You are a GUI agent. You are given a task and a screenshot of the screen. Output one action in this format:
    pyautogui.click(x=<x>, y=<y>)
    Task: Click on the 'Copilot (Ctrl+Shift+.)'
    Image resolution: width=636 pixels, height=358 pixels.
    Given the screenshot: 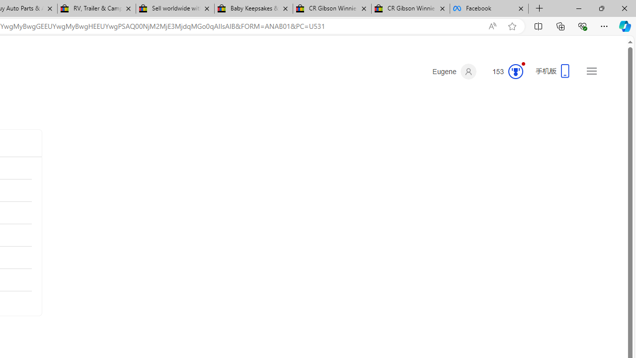 What is the action you would take?
    pyautogui.click(x=625, y=25)
    